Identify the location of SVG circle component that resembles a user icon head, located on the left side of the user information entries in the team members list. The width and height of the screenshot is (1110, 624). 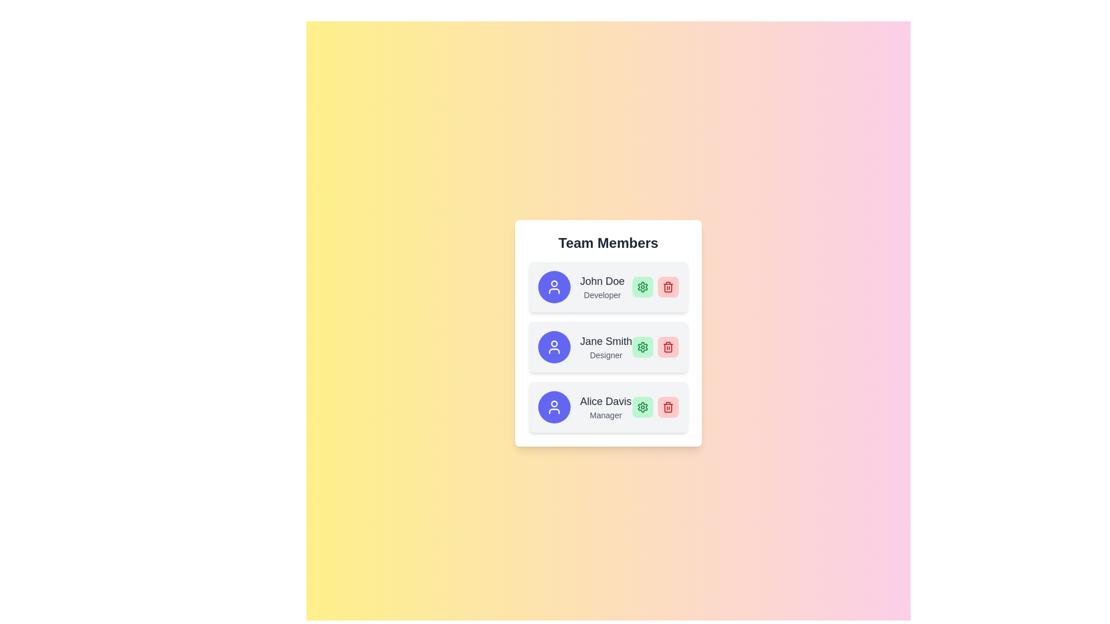
(554, 284).